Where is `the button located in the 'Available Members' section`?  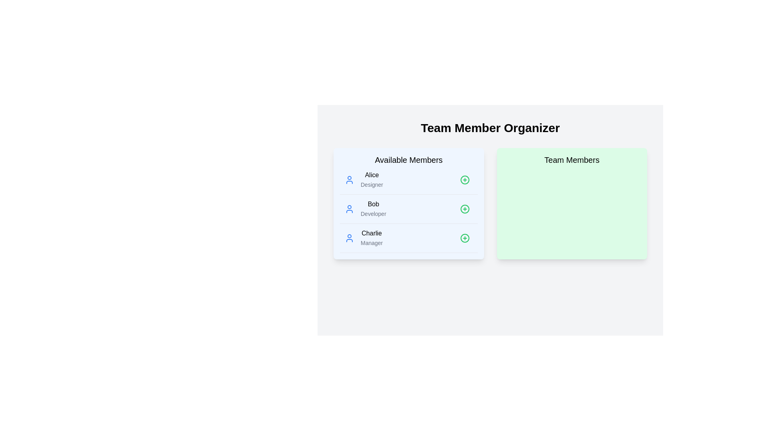 the button located in the 'Available Members' section is located at coordinates (465, 209).